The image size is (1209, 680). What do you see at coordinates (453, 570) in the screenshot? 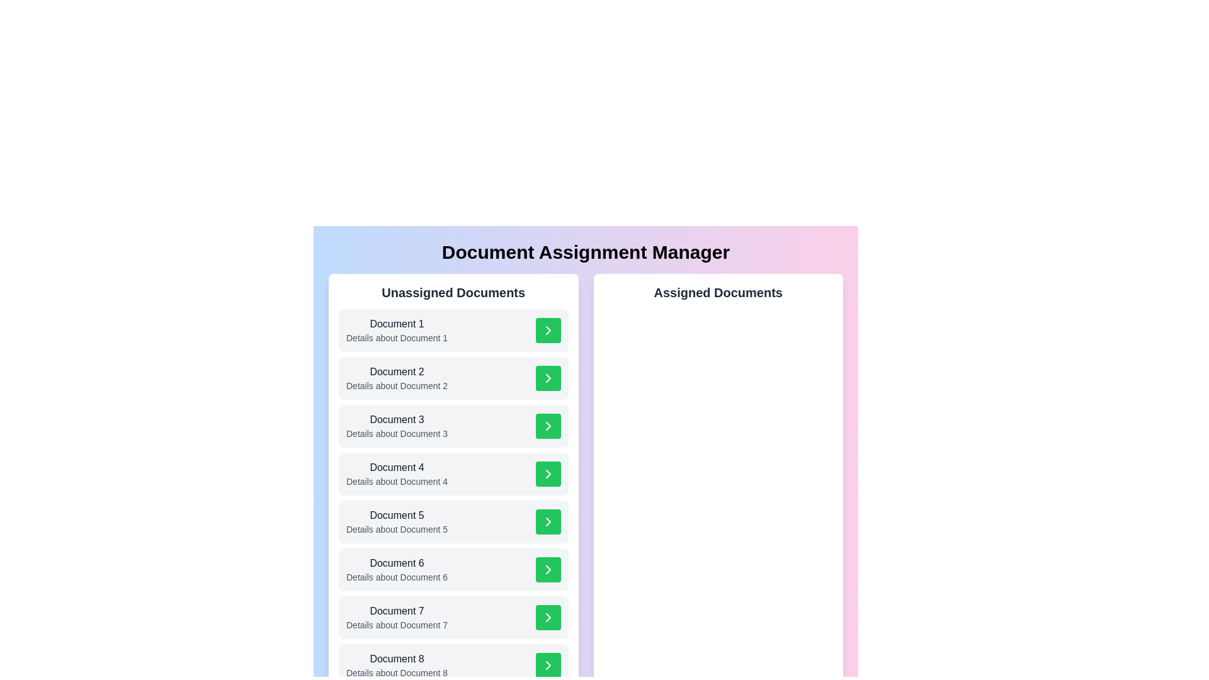
I see `the sixth list item in the 'Unassigned Documents' section` at bounding box center [453, 570].